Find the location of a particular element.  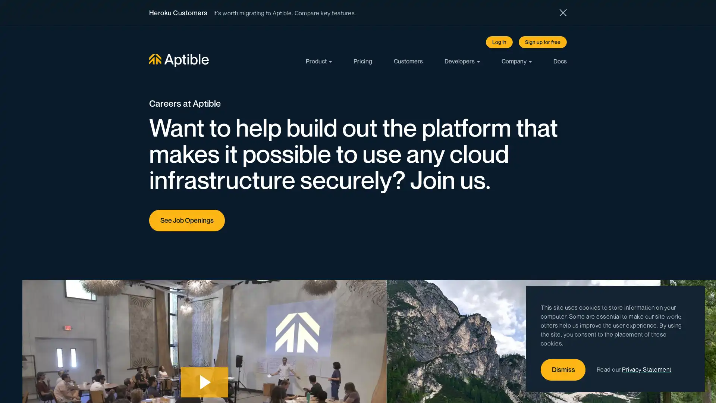

Sign up for free is located at coordinates (543, 42).